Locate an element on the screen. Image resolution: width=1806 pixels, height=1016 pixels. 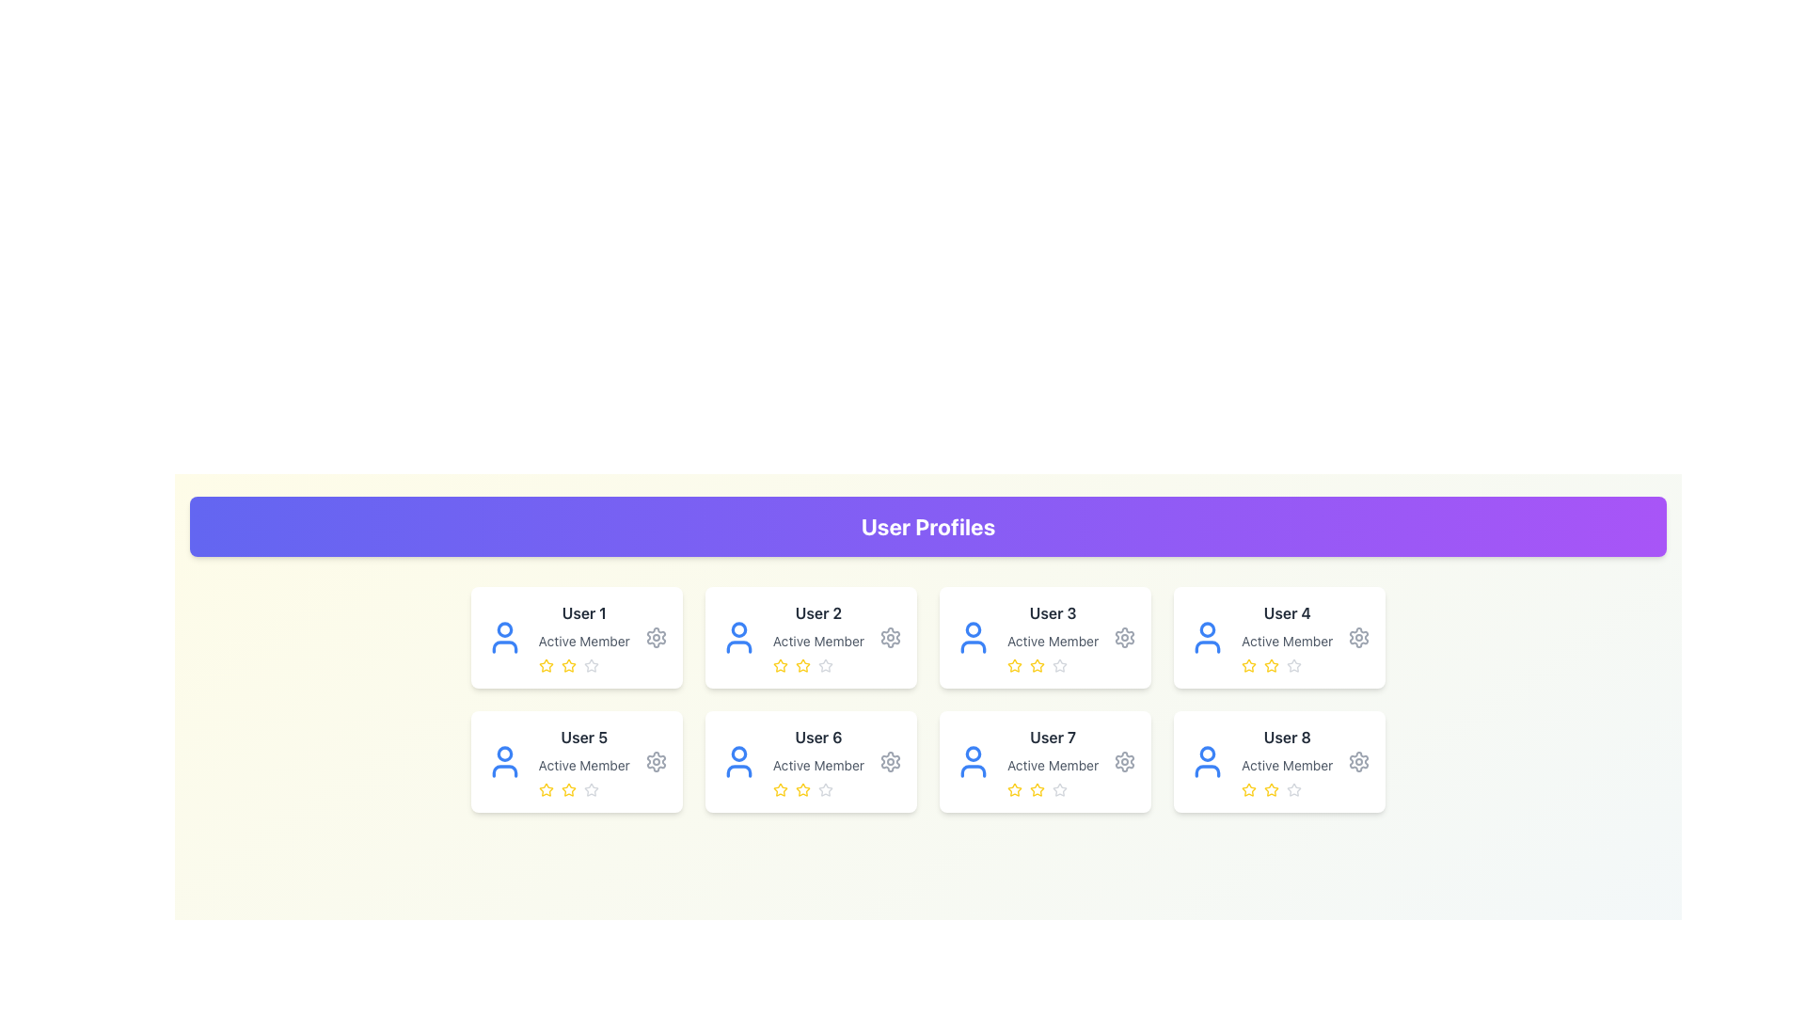
the text label that identifies the user profile as 'User 7', located centrally within the card labeled 'User 7 Active Member' in the fourth row of the user profile grid layout is located at coordinates (1052, 736).